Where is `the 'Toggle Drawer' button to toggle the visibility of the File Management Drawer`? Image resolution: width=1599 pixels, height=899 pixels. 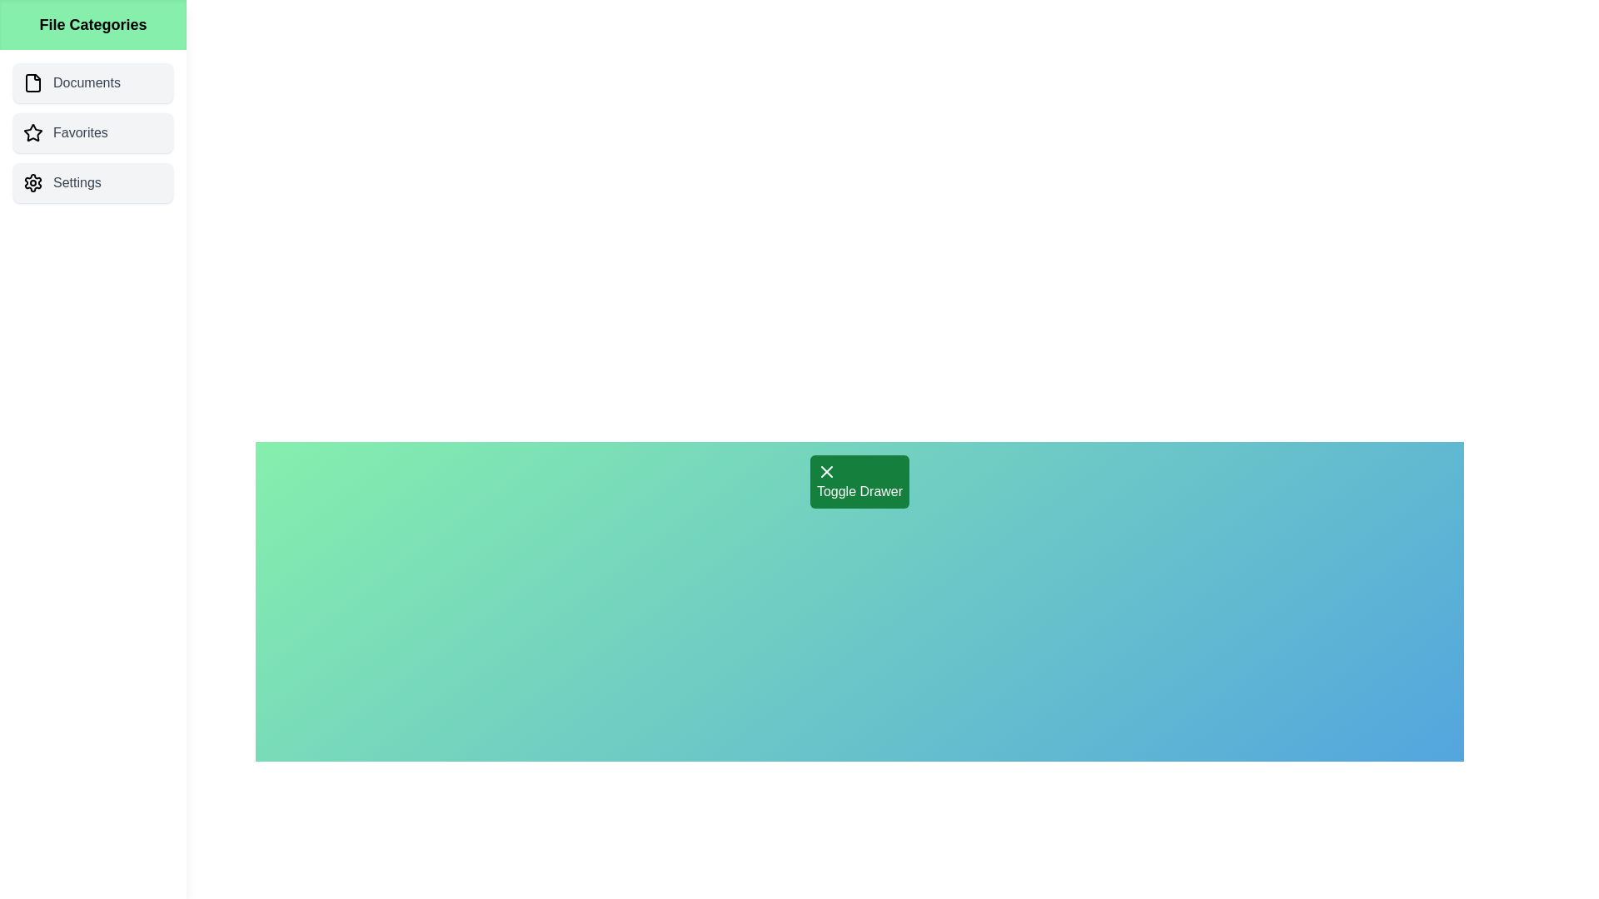
the 'Toggle Drawer' button to toggle the visibility of the File Management Drawer is located at coordinates (859, 481).